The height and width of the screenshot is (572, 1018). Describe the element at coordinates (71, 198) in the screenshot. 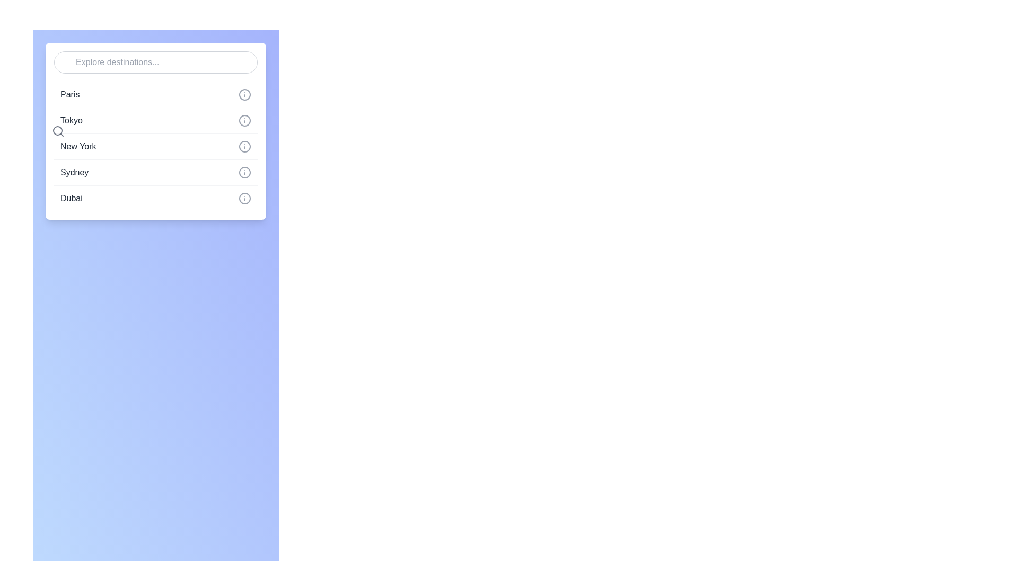

I see `the 'Dubai' text label, which is styled with a medium-weight font in gray color and positioned in the bottom row of a list of city names, to the left of an information icon and below 'Sydney'` at that location.